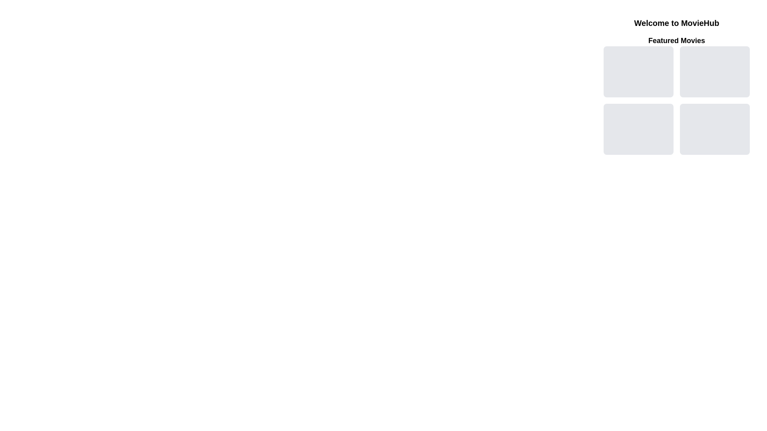 The image size is (767, 431). Describe the element at coordinates (621, 424) in the screenshot. I see `the 'Home' icon located at the bottom center of the interface, which serves as a navigational element to return to the main page` at that location.